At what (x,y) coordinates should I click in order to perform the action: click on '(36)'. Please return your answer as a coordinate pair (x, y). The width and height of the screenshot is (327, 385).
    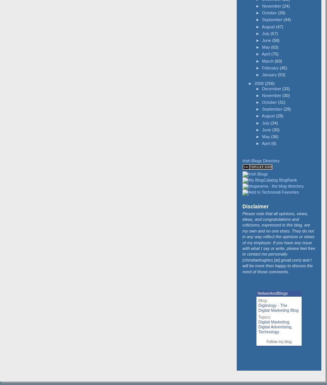
    Looking at the image, I should click on (270, 136).